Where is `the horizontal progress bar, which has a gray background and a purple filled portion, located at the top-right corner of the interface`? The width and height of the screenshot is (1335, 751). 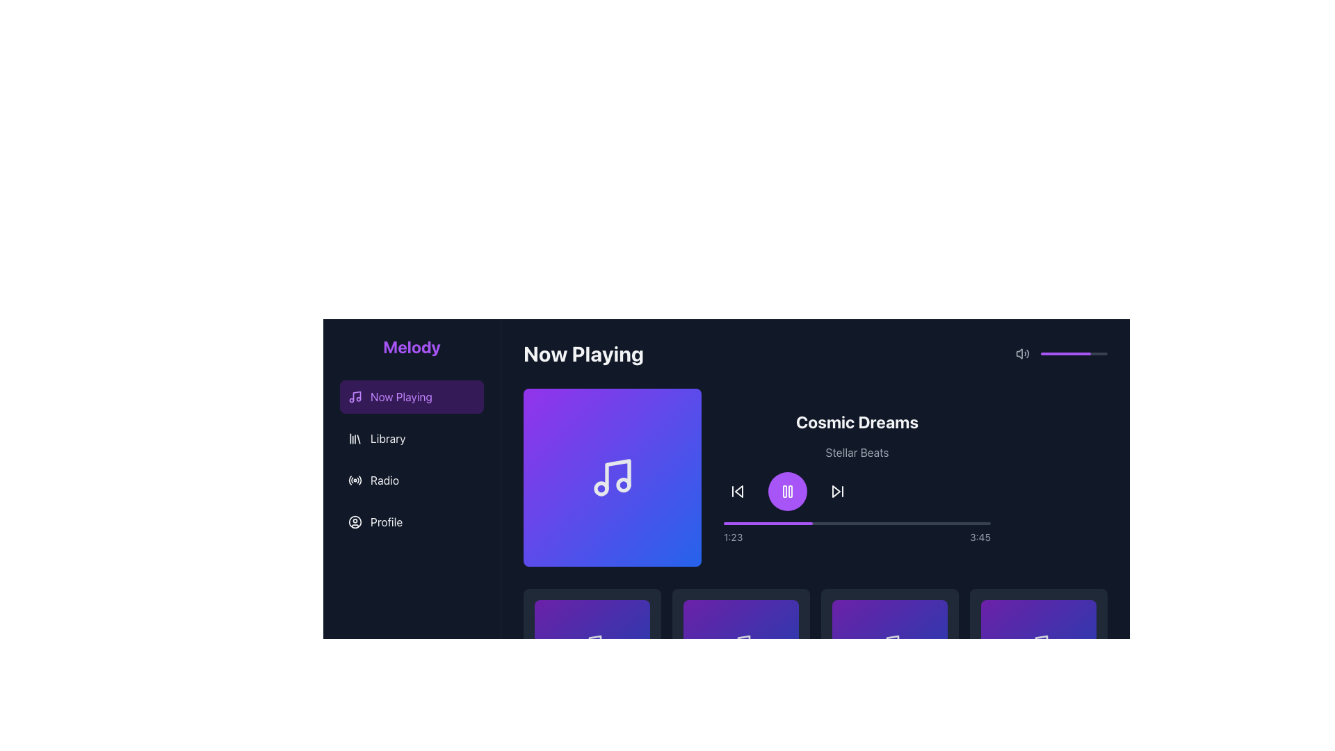
the horizontal progress bar, which has a gray background and a purple filled portion, located at the top-right corner of the interface is located at coordinates (1074, 353).